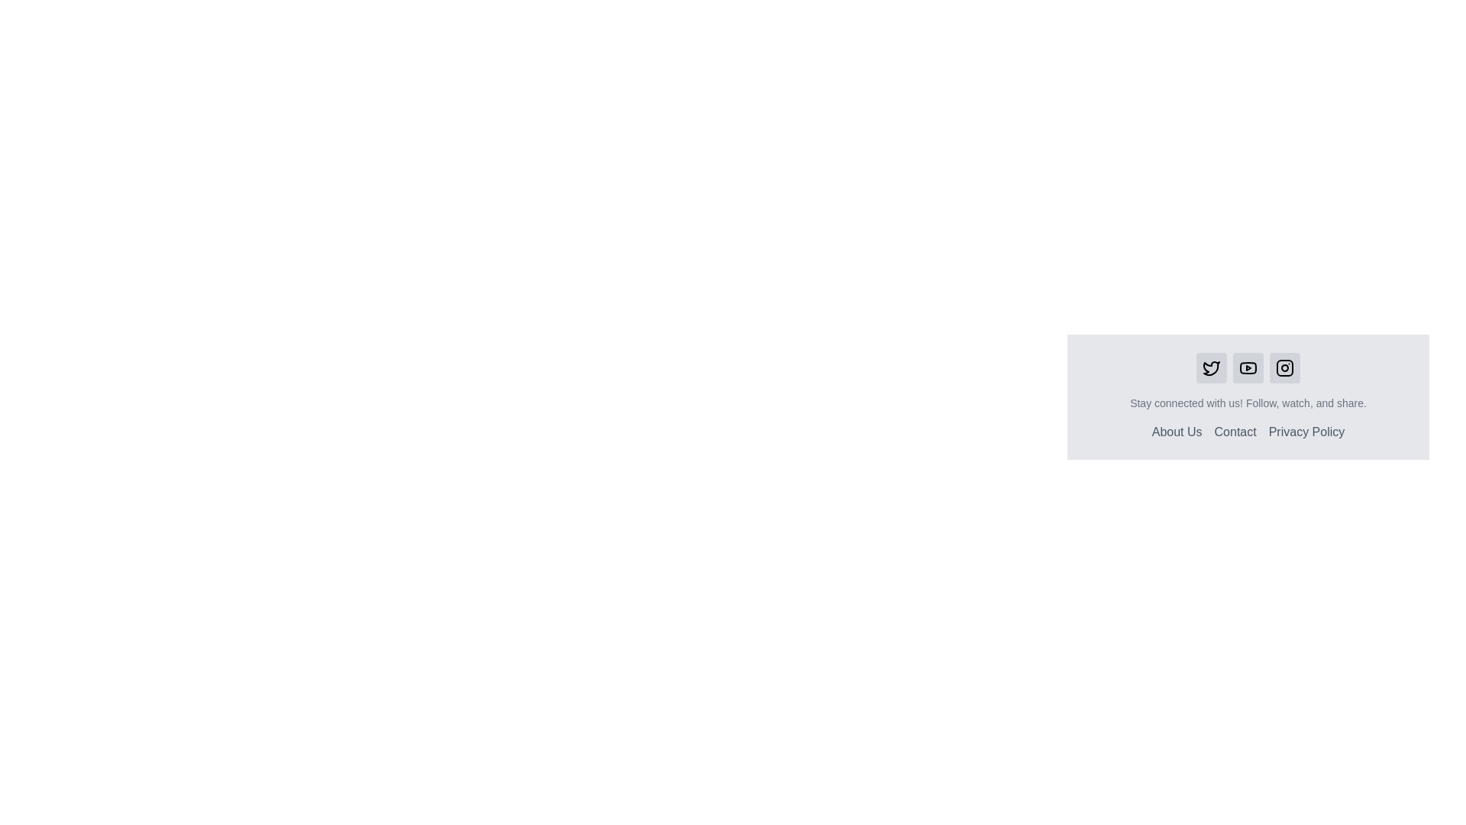  What do you see at coordinates (1248, 396) in the screenshot?
I see `the Twitter, YouTube, or Instagram social media icons in the composite component` at bounding box center [1248, 396].